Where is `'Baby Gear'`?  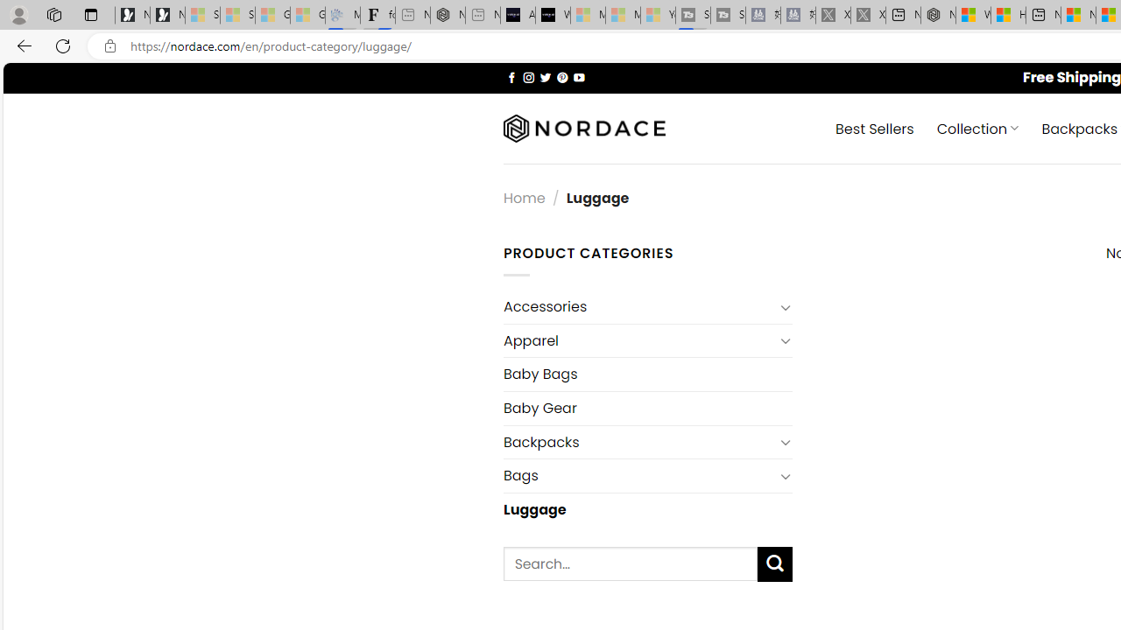 'Baby Gear' is located at coordinates (646, 407).